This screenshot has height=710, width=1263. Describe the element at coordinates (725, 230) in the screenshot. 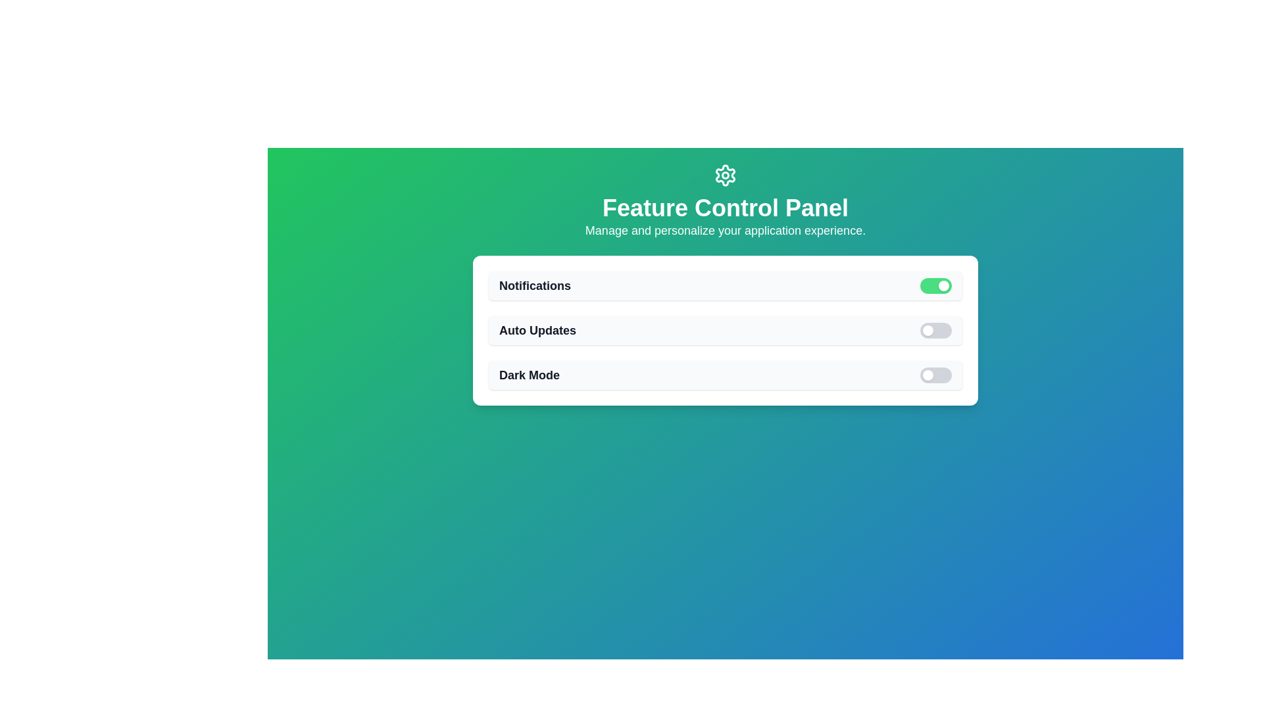

I see `the static text label that reads 'Manage and personalize your application experience.' which is positioned below the header 'Feature Control Panel'` at that location.